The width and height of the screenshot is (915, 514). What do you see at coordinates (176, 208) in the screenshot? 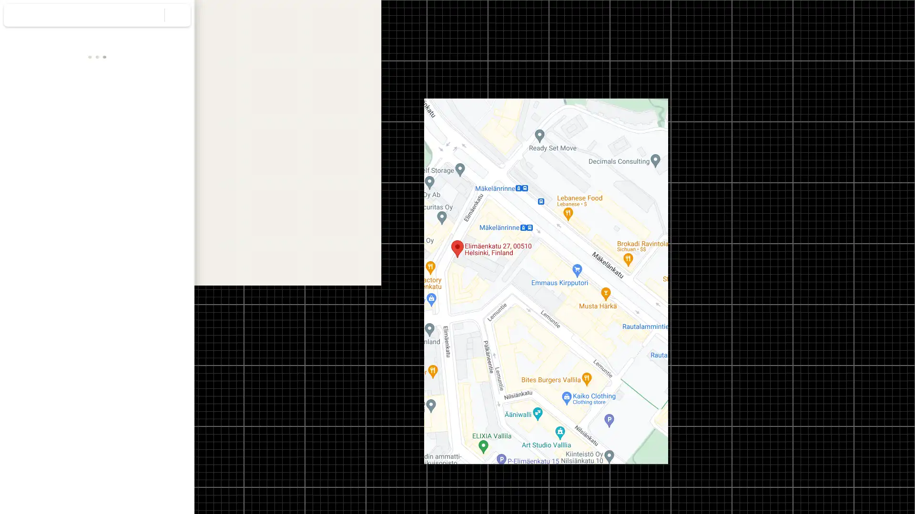
I see `Copy address` at bounding box center [176, 208].